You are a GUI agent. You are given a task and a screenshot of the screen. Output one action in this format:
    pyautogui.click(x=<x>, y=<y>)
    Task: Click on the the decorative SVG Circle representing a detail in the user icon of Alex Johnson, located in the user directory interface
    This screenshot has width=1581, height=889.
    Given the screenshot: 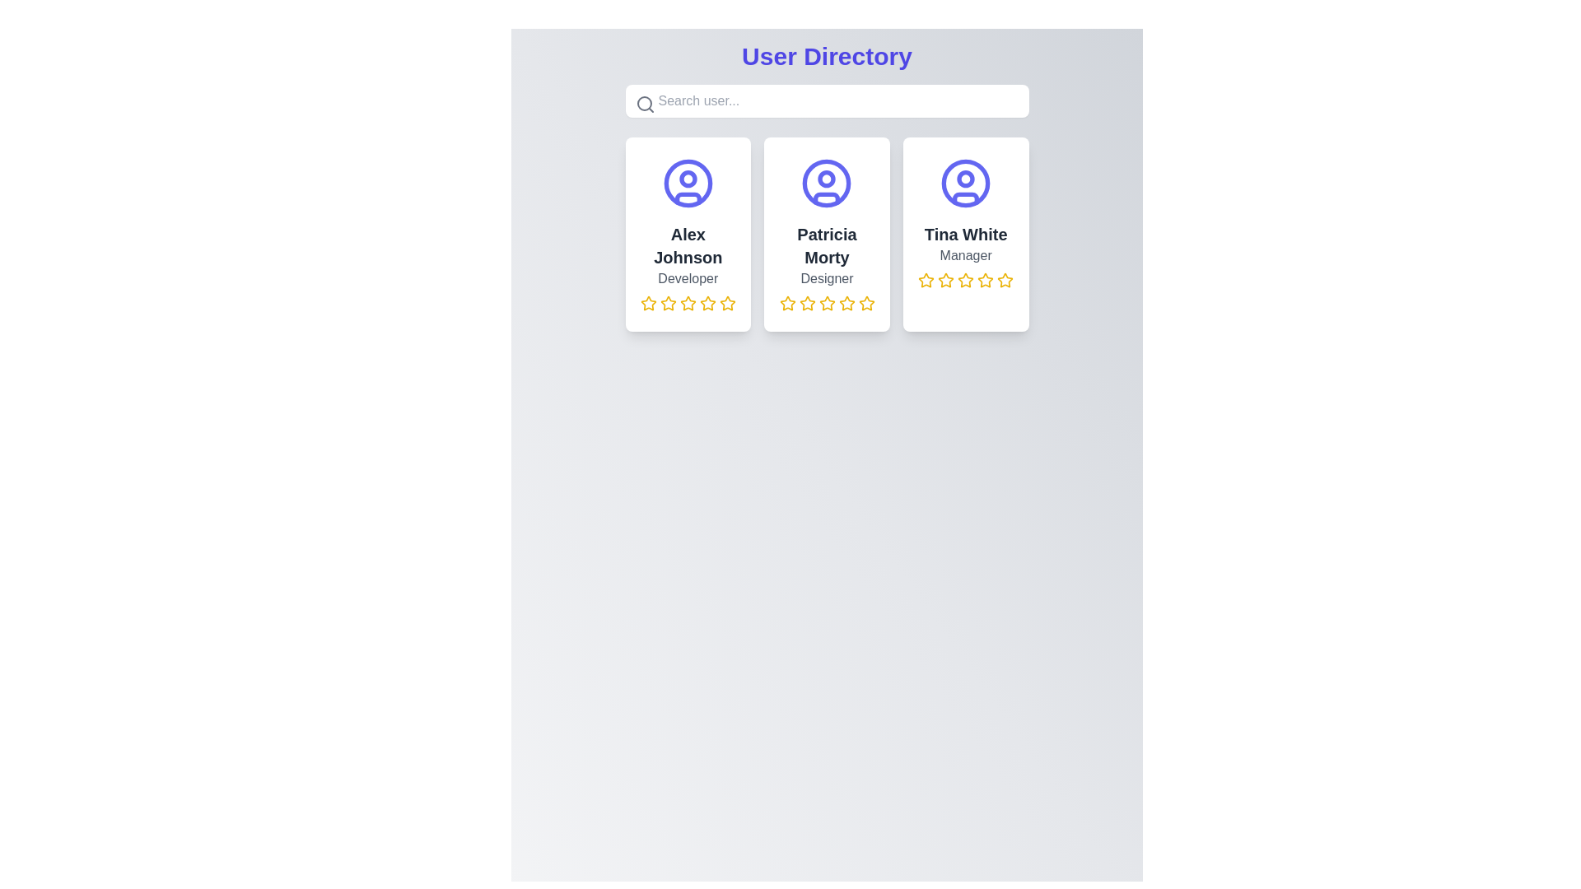 What is the action you would take?
    pyautogui.click(x=688, y=179)
    